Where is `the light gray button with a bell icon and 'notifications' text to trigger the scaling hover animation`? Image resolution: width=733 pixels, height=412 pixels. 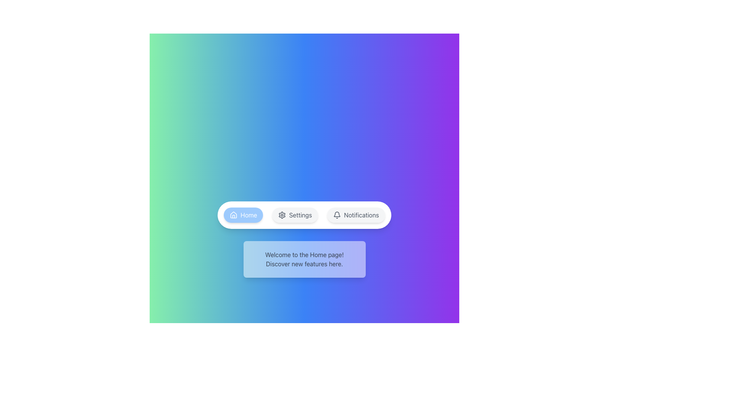 the light gray button with a bell icon and 'notifications' text to trigger the scaling hover animation is located at coordinates (355, 215).